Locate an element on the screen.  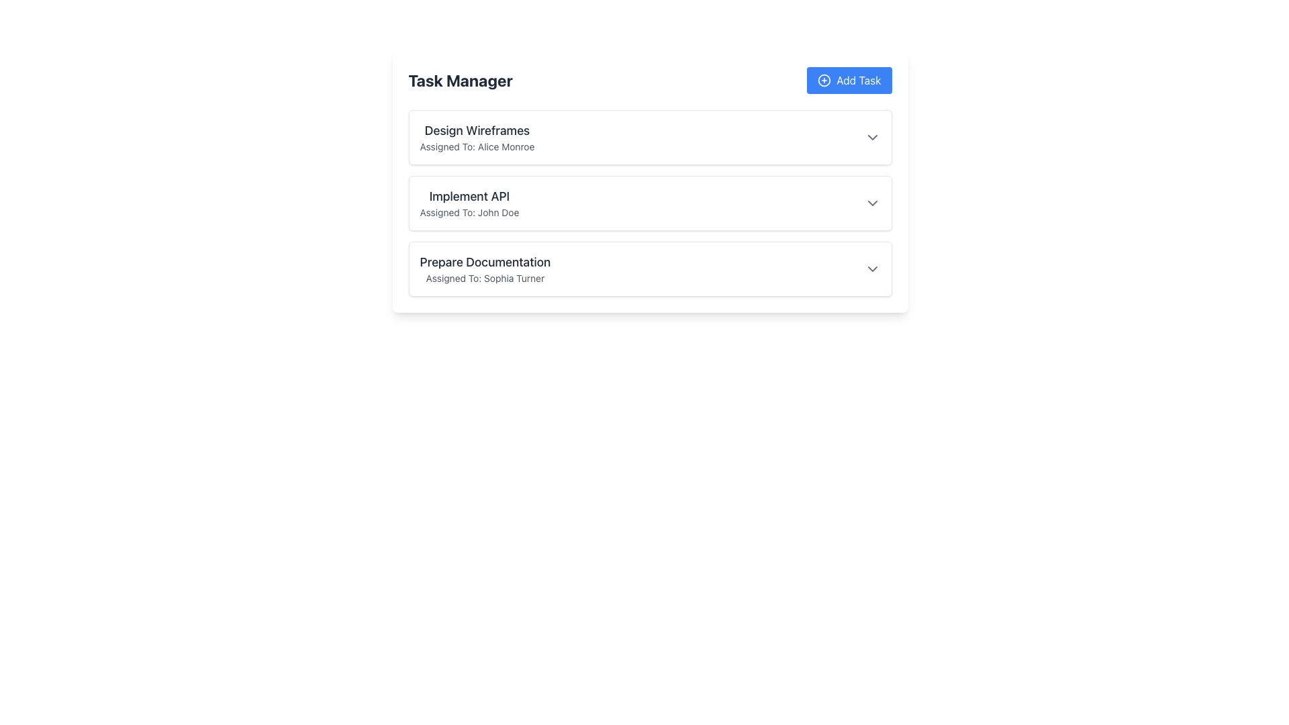
the 'Add Task' button, which is a rectangular blue button with white text and a plus icon, located in the right segment of the horizontal bar at the top of the interface is located at coordinates (849, 80).